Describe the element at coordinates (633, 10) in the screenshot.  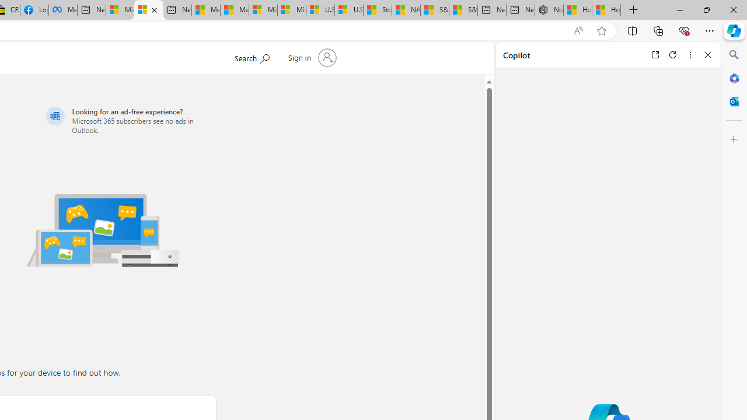
I see `'New Tab'` at that location.